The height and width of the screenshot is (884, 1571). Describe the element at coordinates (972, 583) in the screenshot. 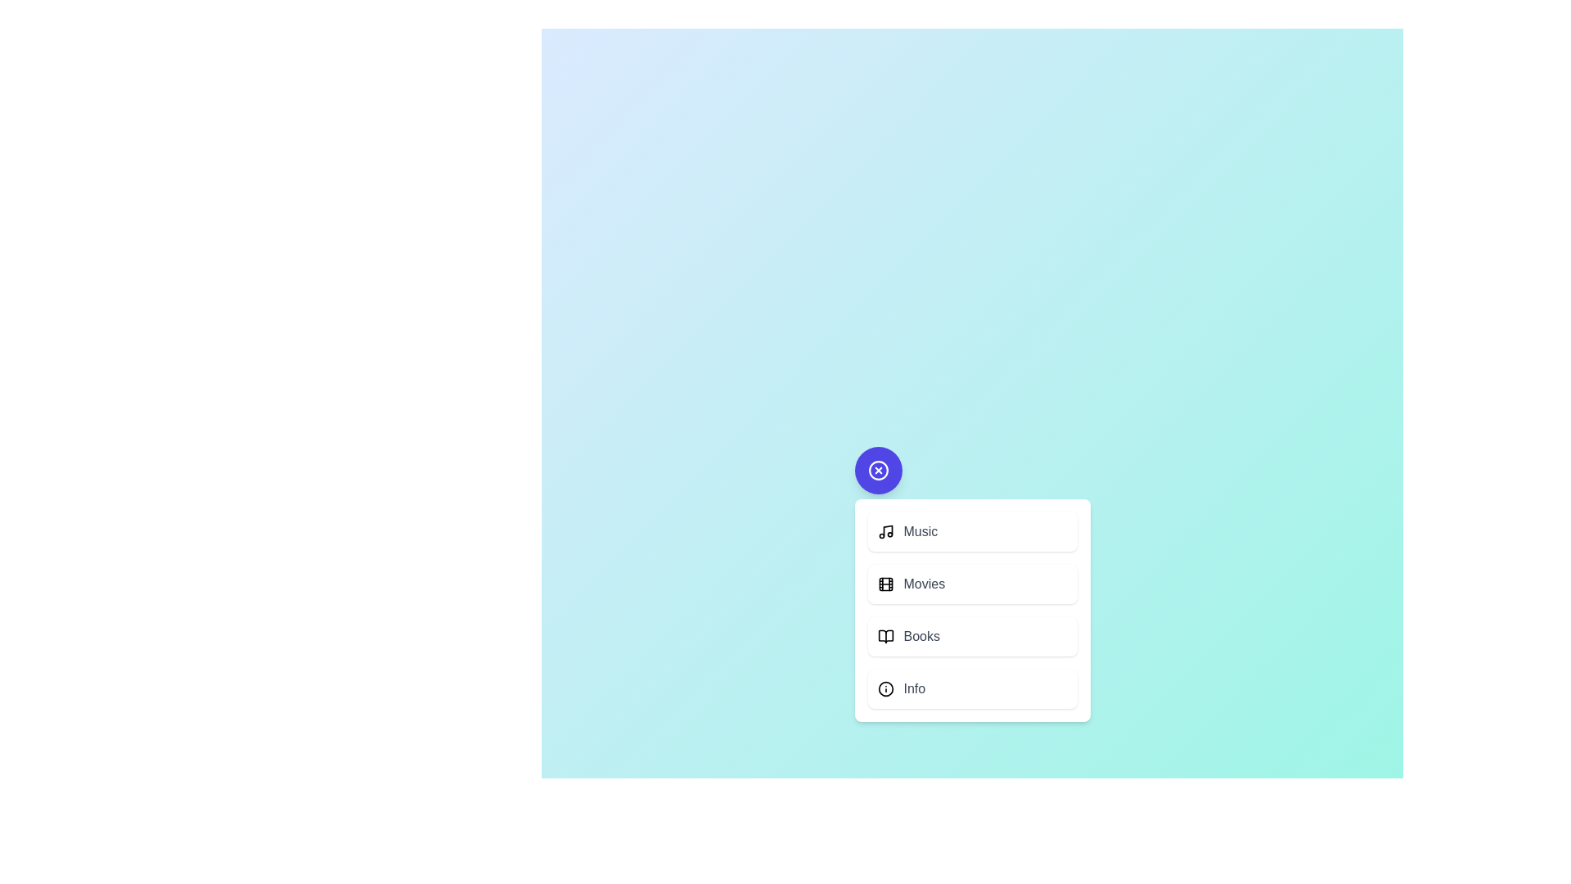

I see `the action 'Movies' from the menu` at that location.